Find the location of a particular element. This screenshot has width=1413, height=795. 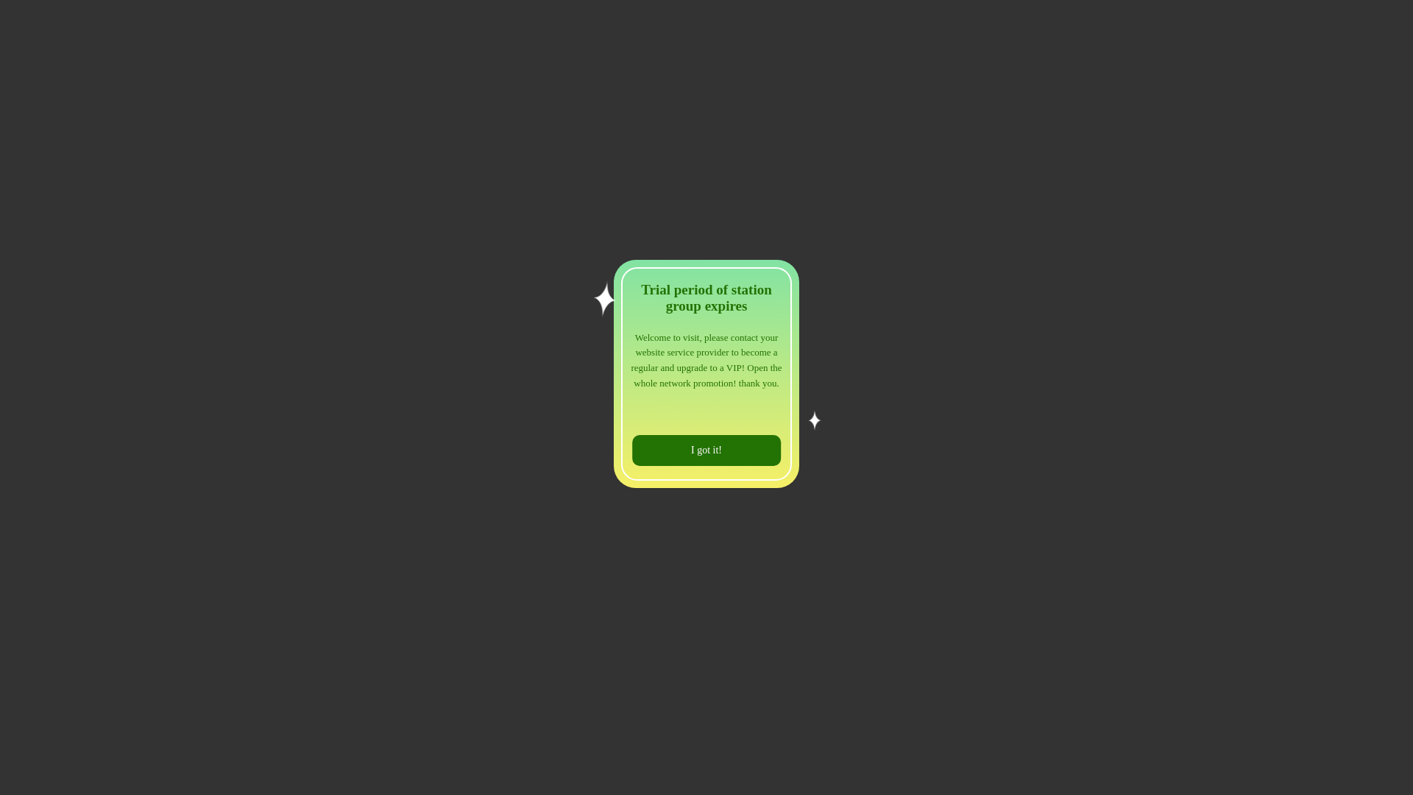

'I got it!' is located at coordinates (706, 450).